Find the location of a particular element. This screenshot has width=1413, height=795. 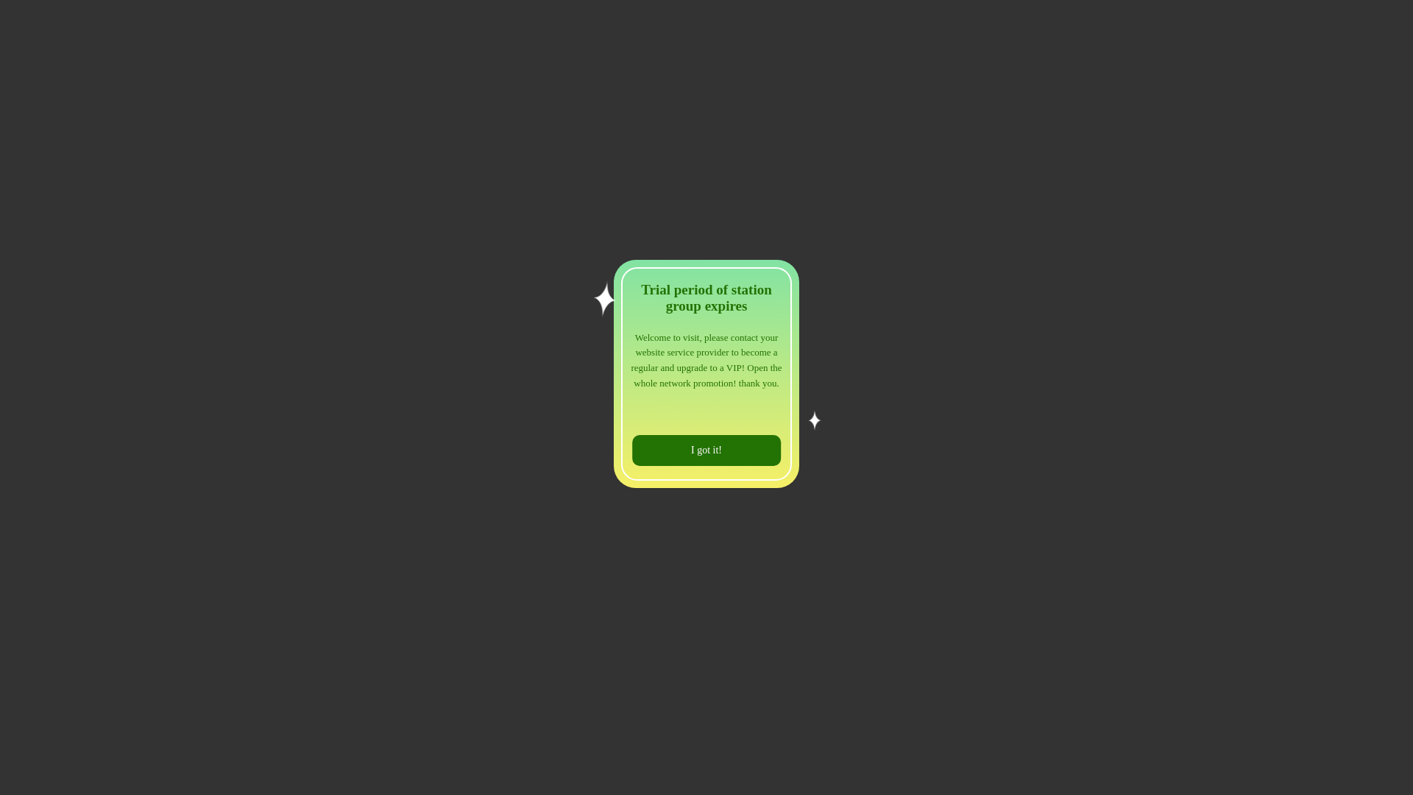

'I got it!' is located at coordinates (706, 450).